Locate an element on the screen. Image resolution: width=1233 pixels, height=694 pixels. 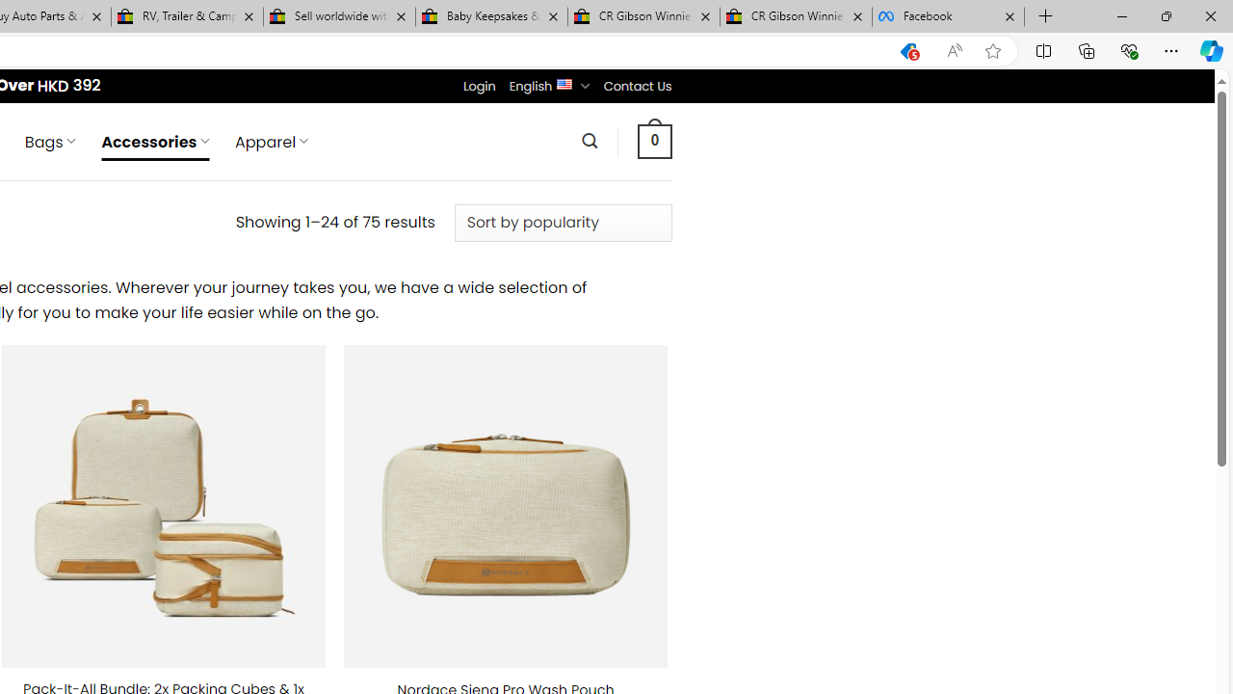
'English' is located at coordinates (564, 82).